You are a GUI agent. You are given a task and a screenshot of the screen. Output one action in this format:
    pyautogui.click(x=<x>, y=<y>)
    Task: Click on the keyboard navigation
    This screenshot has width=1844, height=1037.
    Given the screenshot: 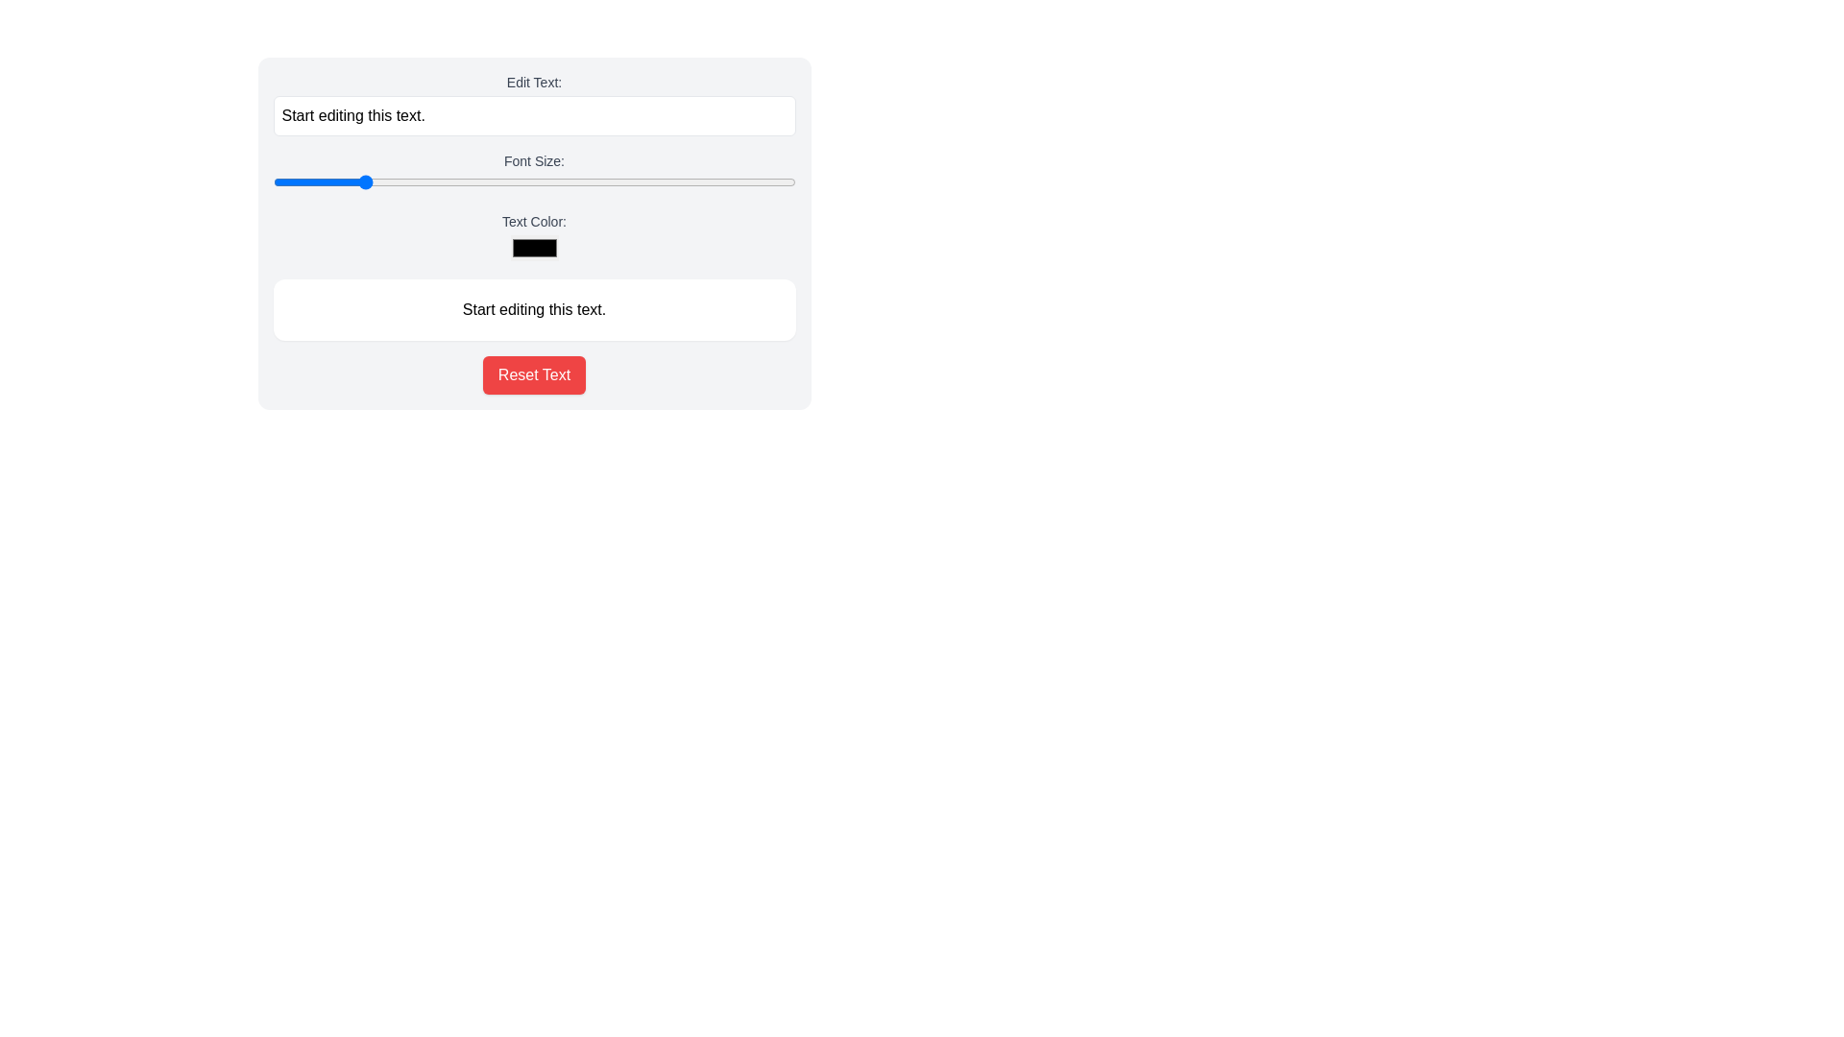 What is the action you would take?
    pyautogui.click(x=534, y=247)
    